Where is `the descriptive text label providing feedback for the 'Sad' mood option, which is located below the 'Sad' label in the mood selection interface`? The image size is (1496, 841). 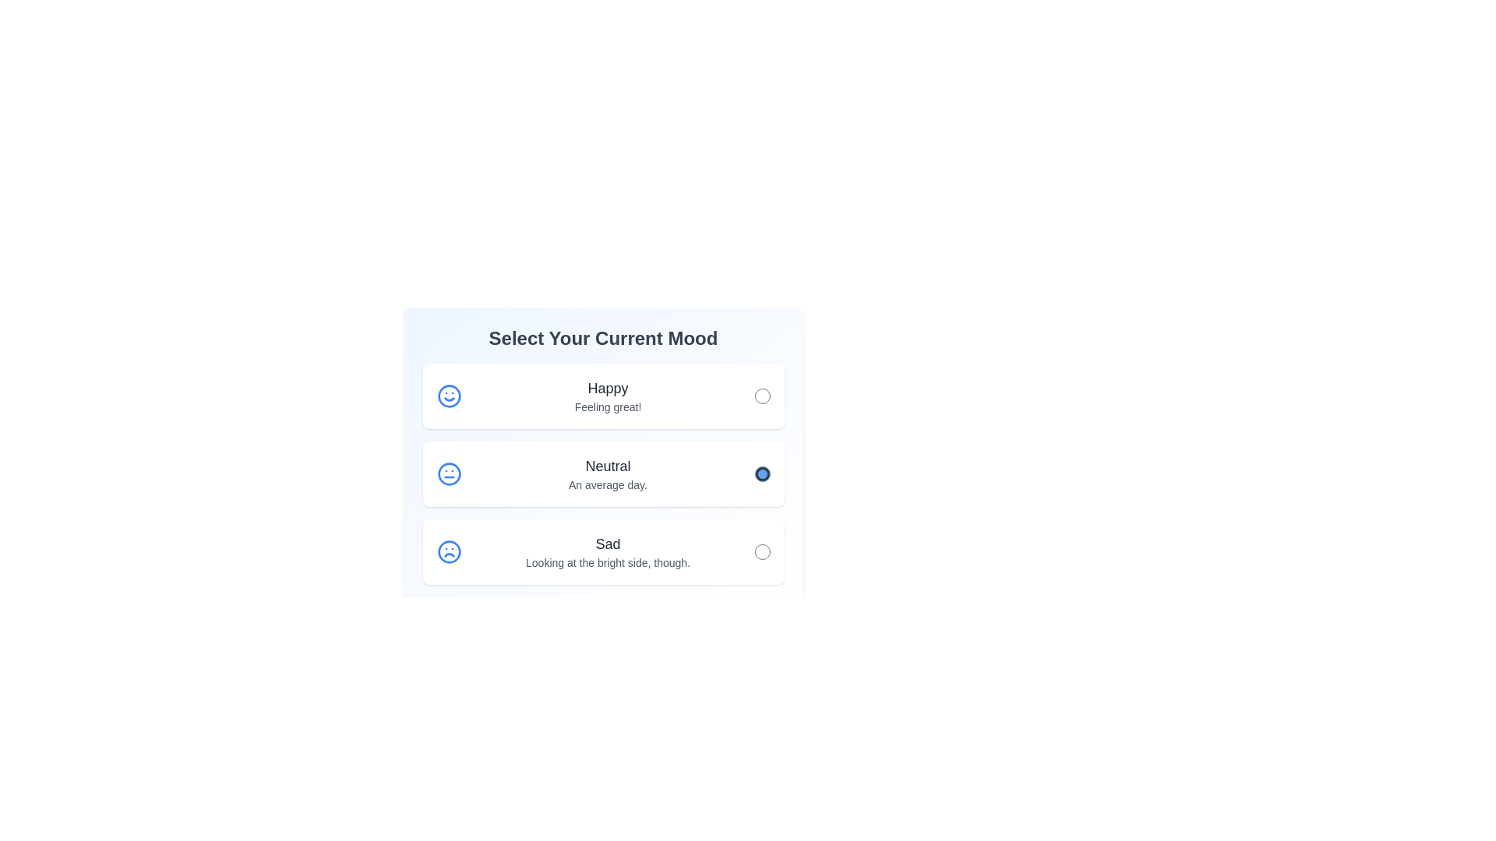 the descriptive text label providing feedback for the 'Sad' mood option, which is located below the 'Sad' label in the mood selection interface is located at coordinates (607, 562).